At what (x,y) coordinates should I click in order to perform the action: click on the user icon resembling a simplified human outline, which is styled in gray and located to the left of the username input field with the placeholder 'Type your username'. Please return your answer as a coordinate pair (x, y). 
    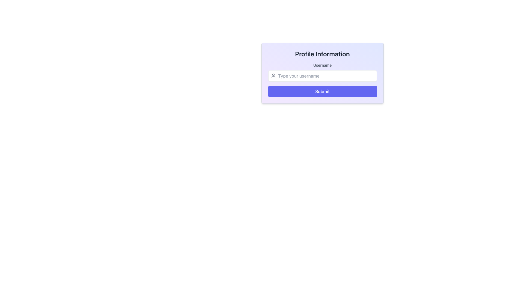
    Looking at the image, I should click on (273, 76).